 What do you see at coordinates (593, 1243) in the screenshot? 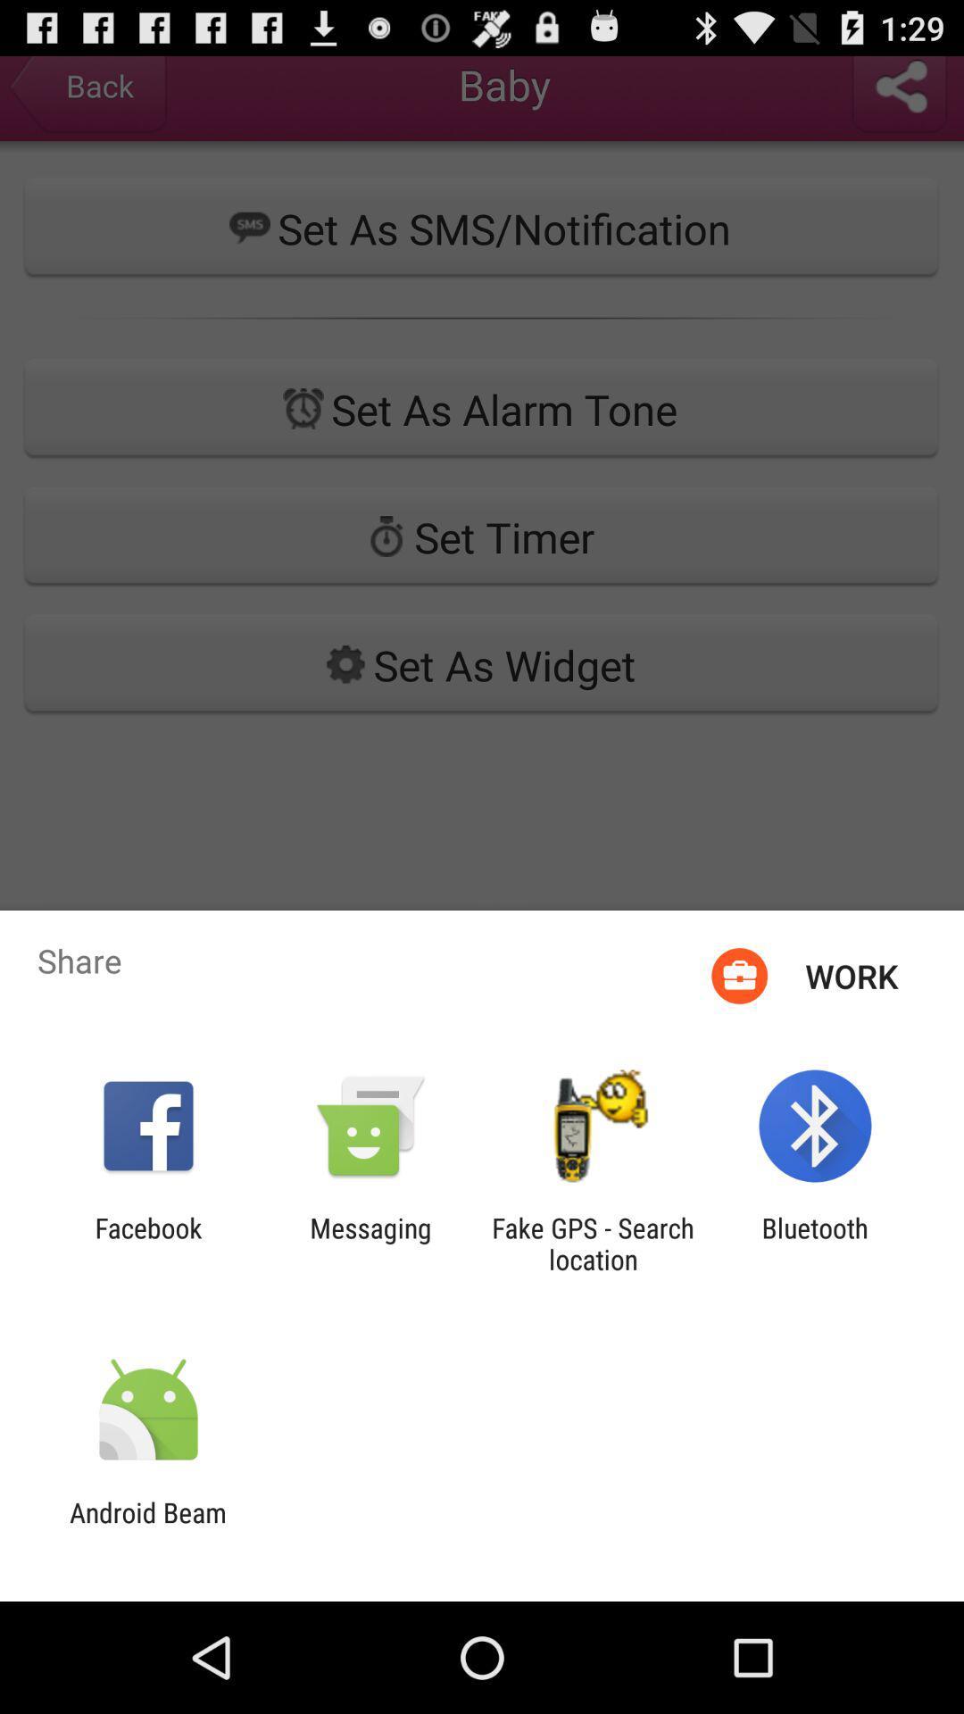
I see `fake gps search` at bounding box center [593, 1243].